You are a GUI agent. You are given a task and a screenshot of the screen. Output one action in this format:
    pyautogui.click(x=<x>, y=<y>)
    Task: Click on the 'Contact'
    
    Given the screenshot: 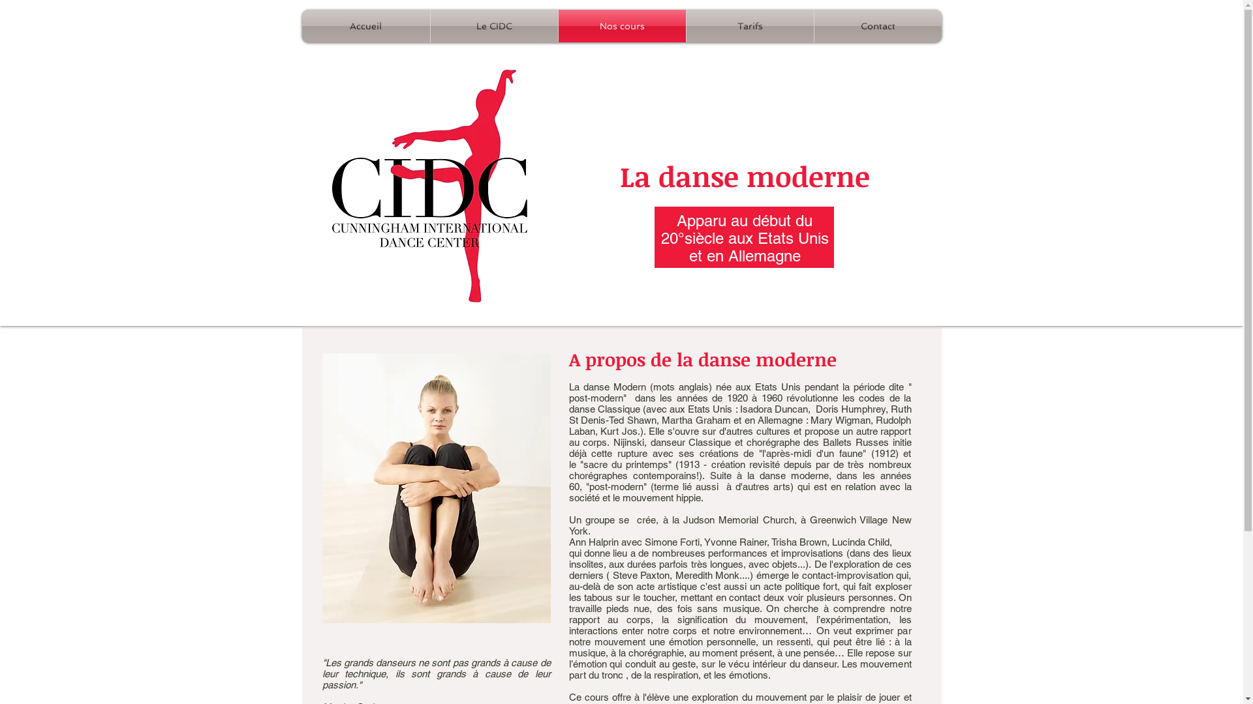 What is the action you would take?
    pyautogui.click(x=878, y=25)
    